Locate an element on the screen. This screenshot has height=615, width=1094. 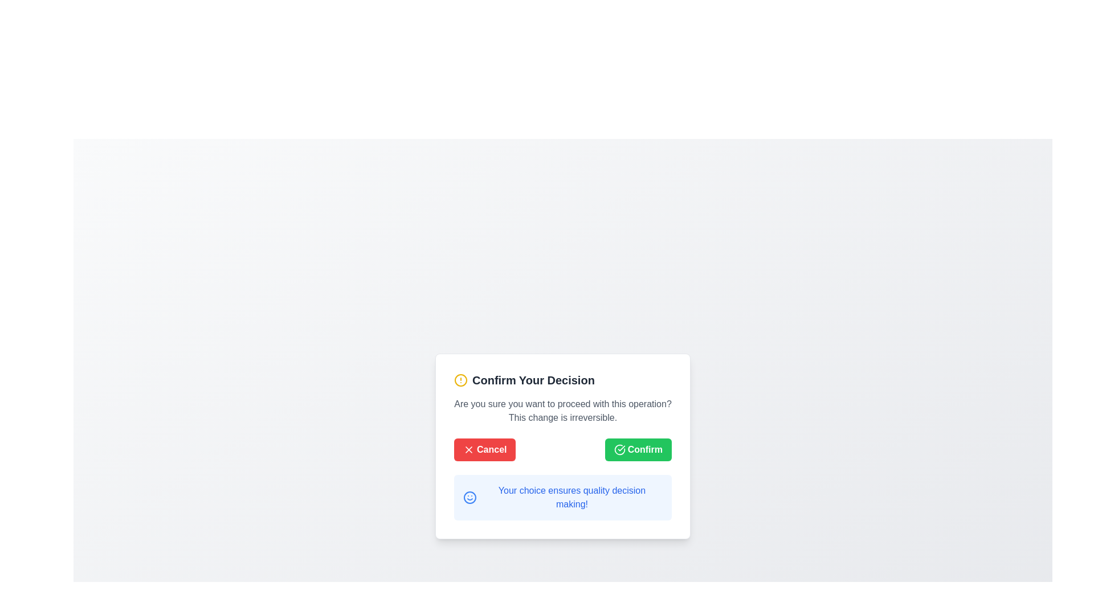
the circular yellow alert icon with an exclamation mark, located to the left of the text 'Confirm Your Decision' in the confirmation modal is located at coordinates (461, 380).